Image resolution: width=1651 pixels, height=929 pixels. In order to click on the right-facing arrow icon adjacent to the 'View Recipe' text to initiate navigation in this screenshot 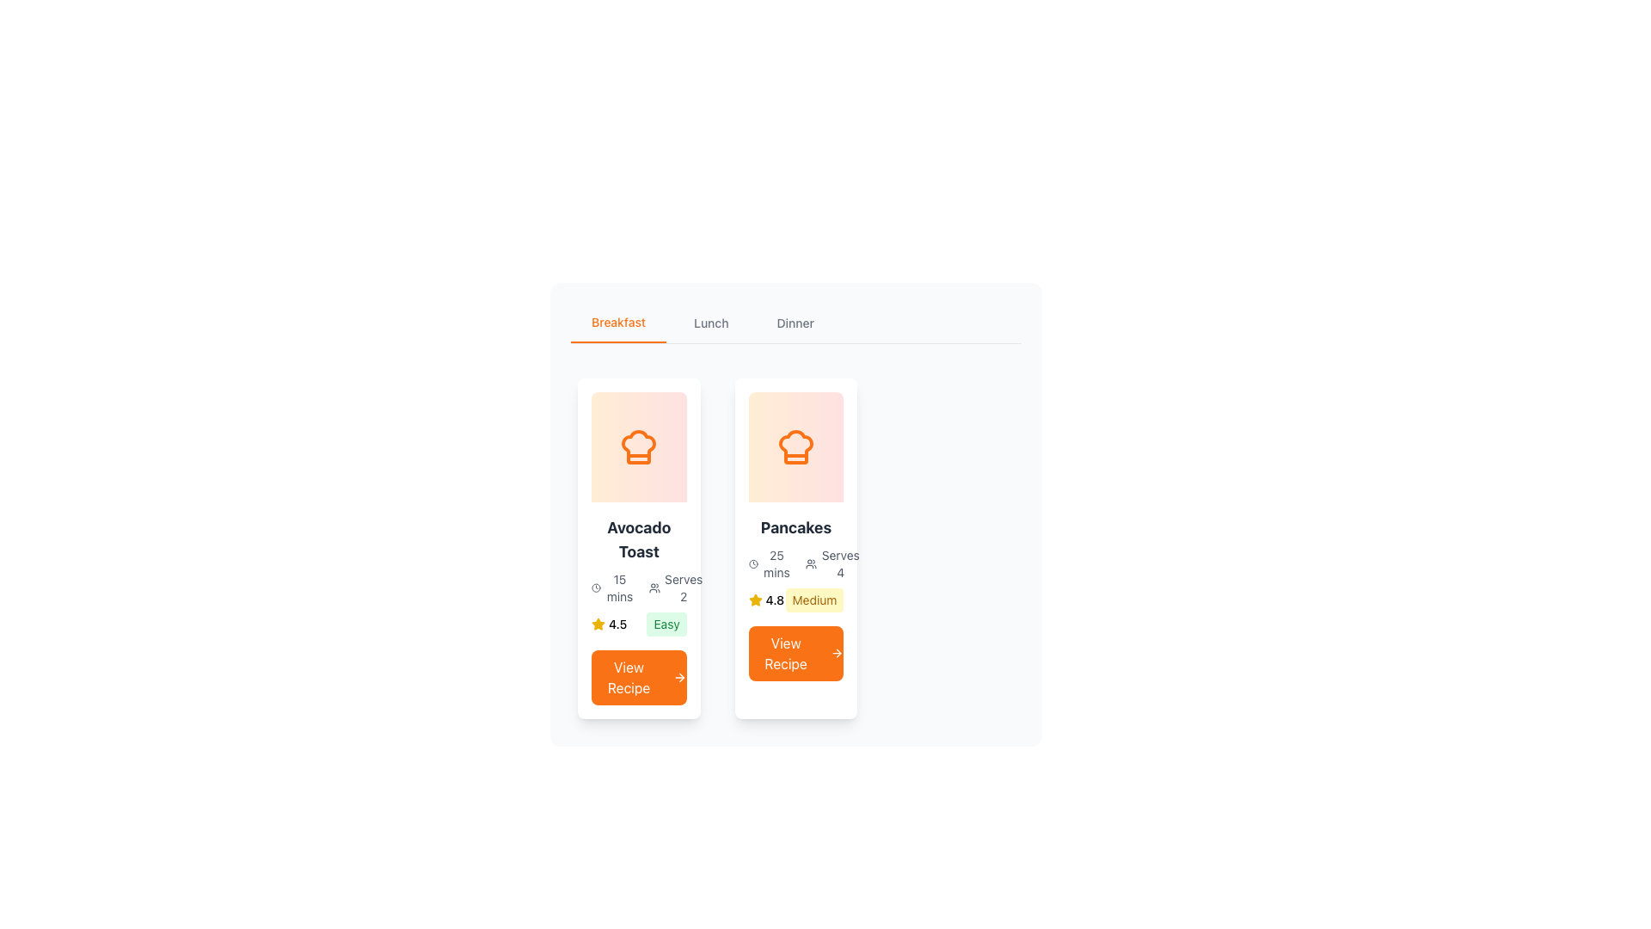, I will do `click(837, 653)`.